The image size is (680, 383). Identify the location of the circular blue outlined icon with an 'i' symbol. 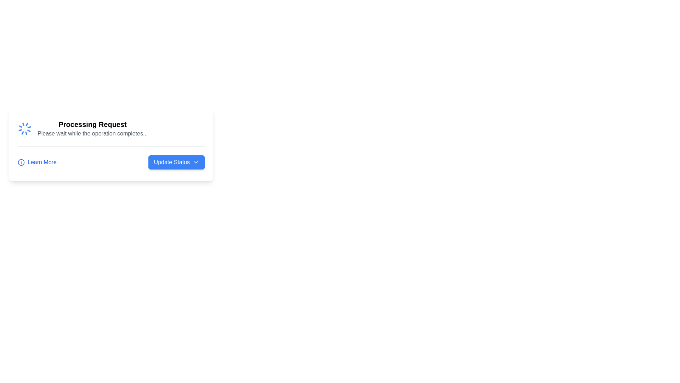
(21, 162).